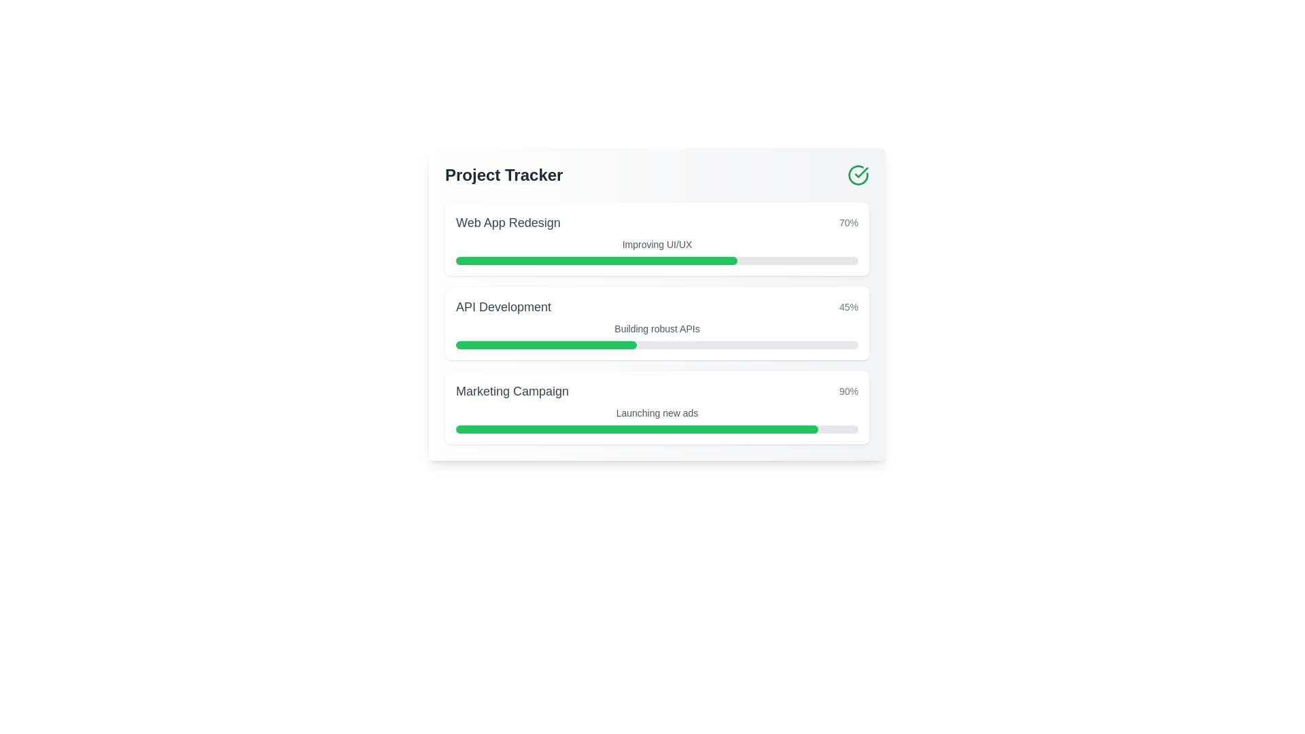 The width and height of the screenshot is (1305, 734). I want to click on the text label displaying 'Marketing Campaign' which is a medium-sized, bold font in gray color located in the bottom task section of a project tracker interface, so click(511, 391).